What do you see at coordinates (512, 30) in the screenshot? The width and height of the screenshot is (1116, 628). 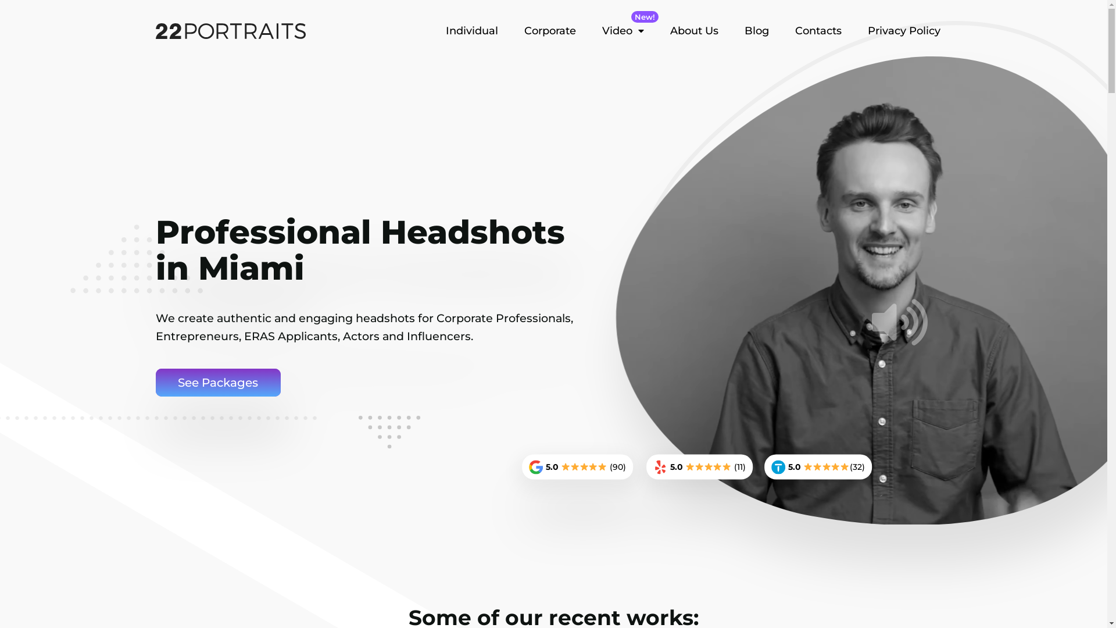 I see `'Corporate'` at bounding box center [512, 30].